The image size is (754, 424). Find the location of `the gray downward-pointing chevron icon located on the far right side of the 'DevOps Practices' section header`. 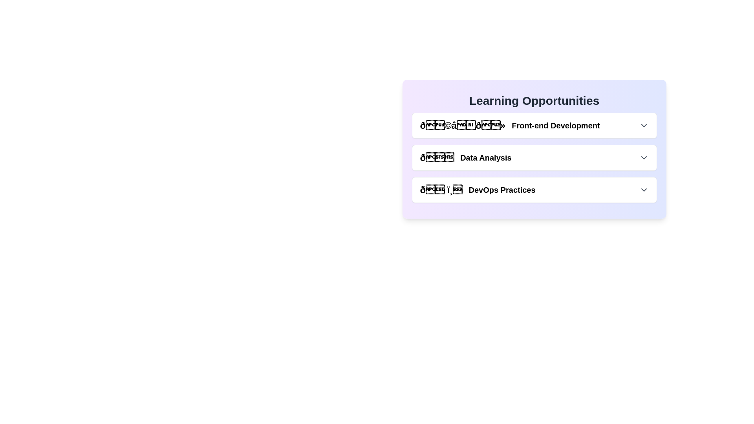

the gray downward-pointing chevron icon located on the far right side of the 'DevOps Practices' section header is located at coordinates (644, 190).